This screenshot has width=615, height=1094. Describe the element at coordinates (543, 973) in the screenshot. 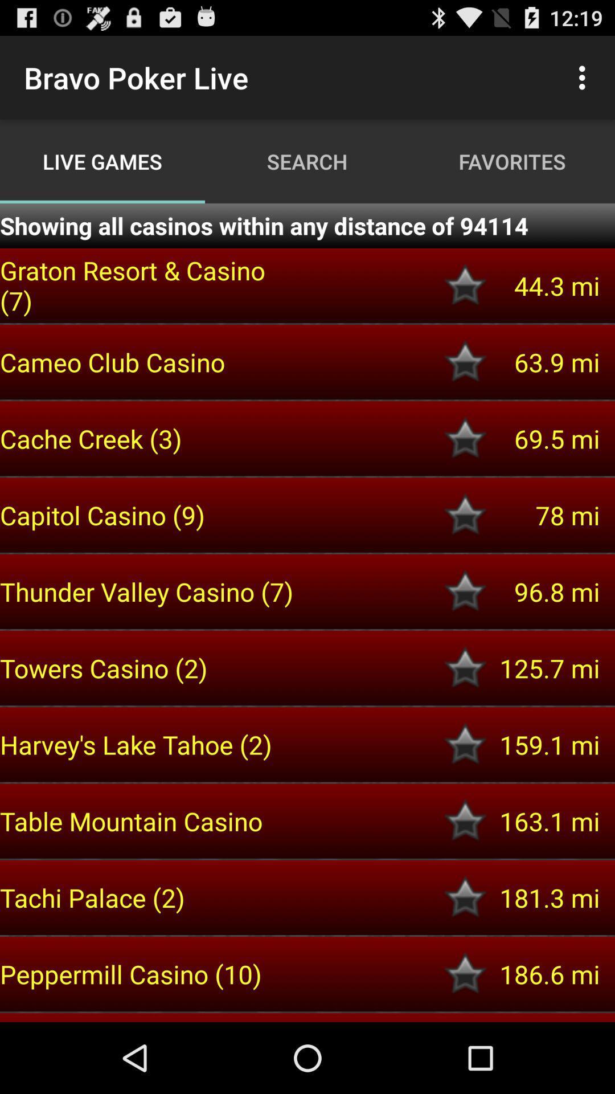

I see `186.6 mi icon` at that location.